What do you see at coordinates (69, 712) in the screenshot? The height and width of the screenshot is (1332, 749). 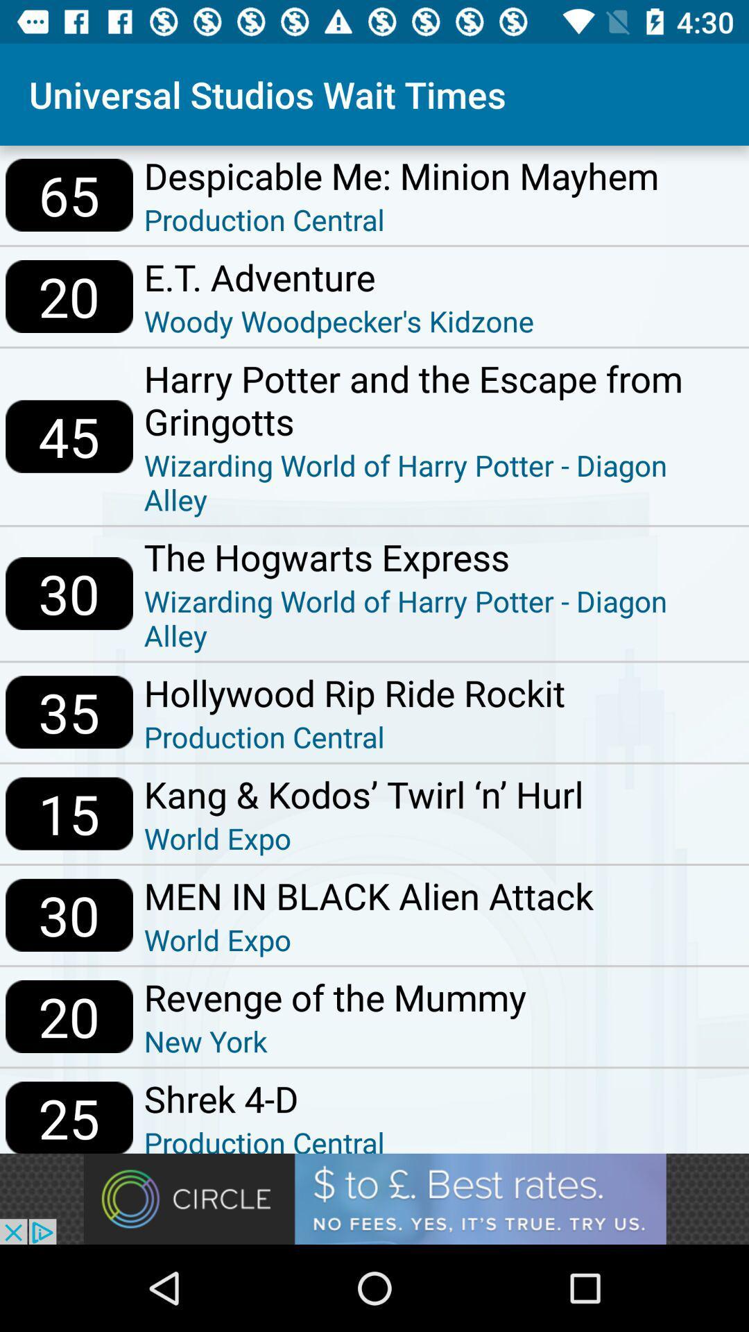 I see `item next to hollywood rip ride icon` at bounding box center [69, 712].